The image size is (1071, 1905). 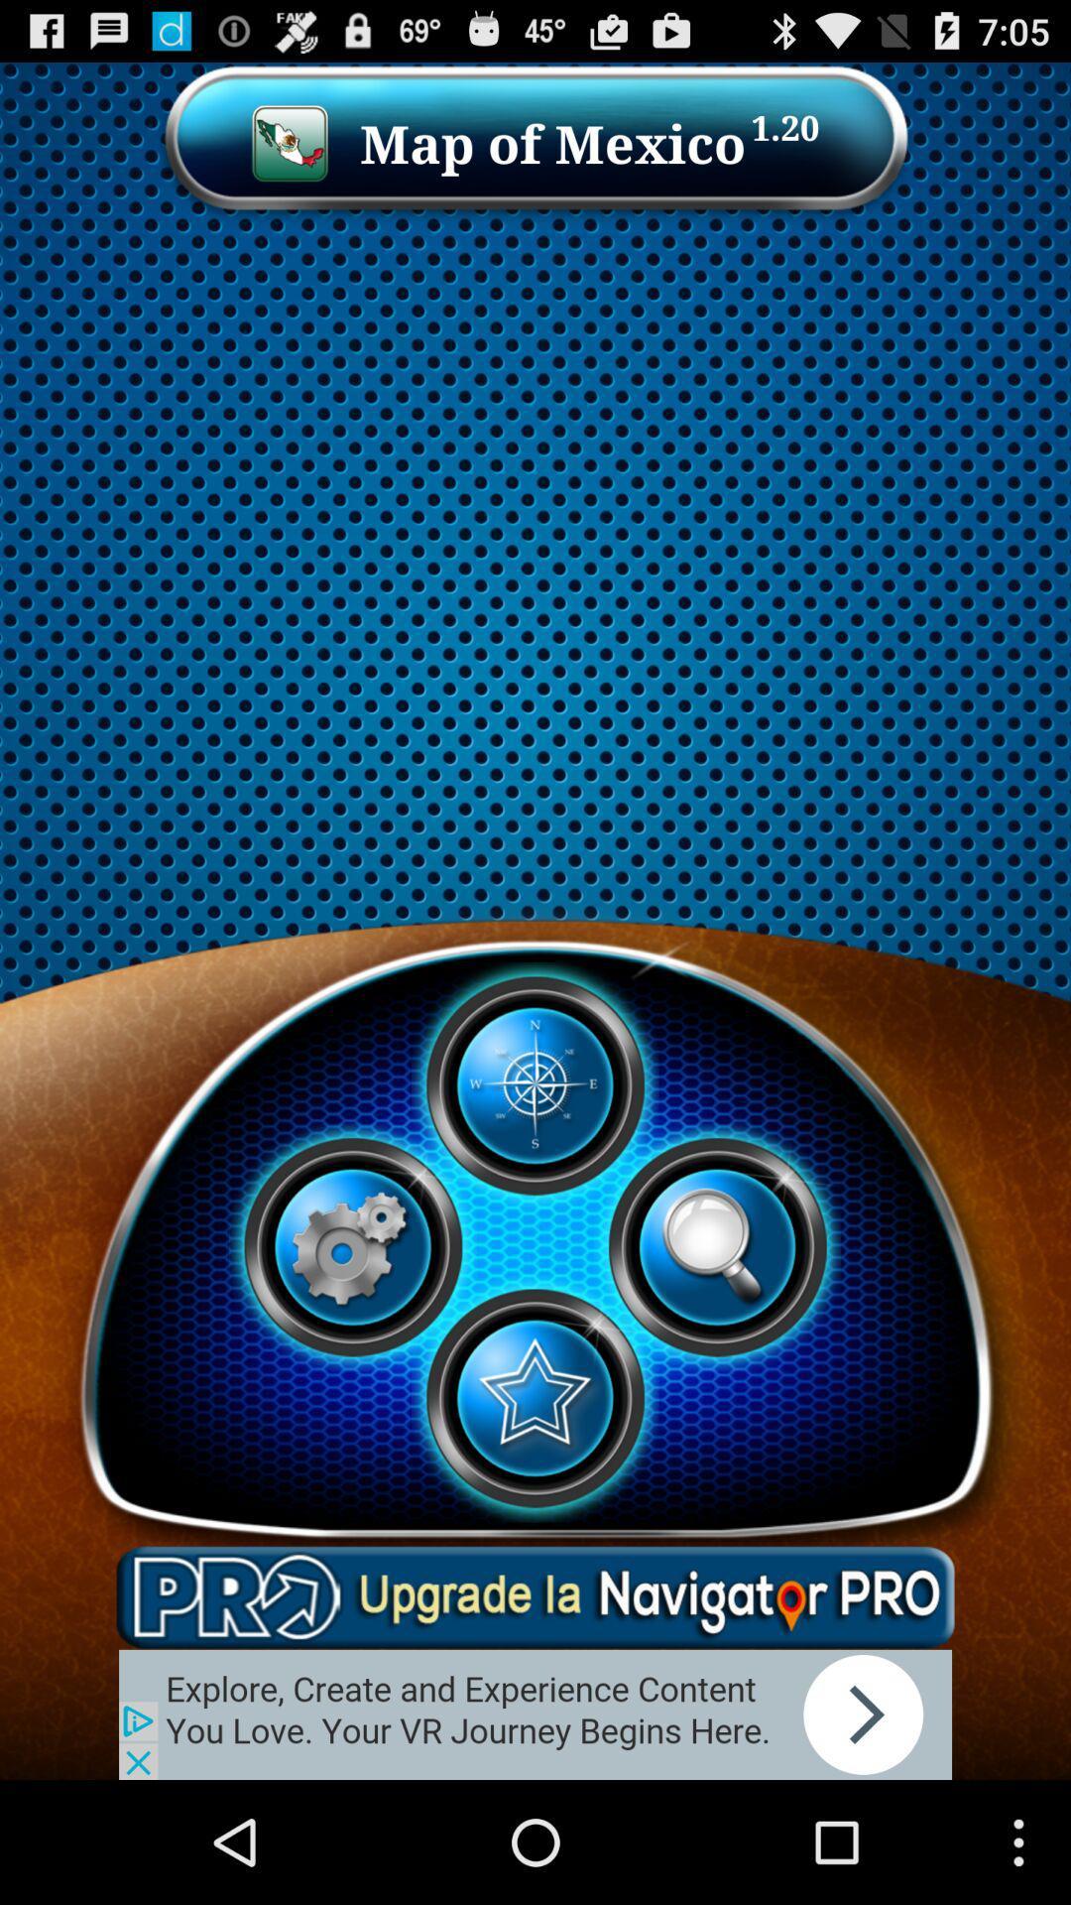 I want to click on next, so click(x=535, y=1714).